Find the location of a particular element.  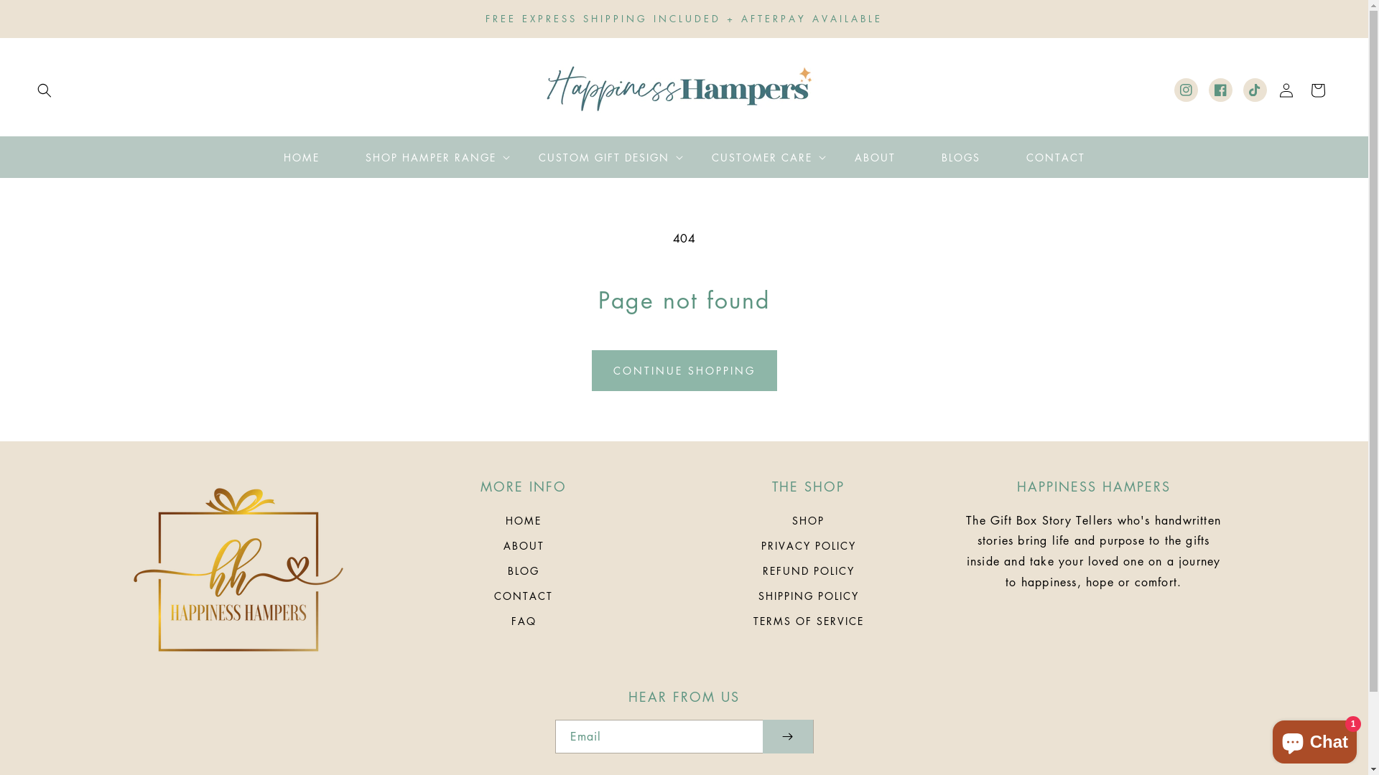

'SHOP' is located at coordinates (808, 522).